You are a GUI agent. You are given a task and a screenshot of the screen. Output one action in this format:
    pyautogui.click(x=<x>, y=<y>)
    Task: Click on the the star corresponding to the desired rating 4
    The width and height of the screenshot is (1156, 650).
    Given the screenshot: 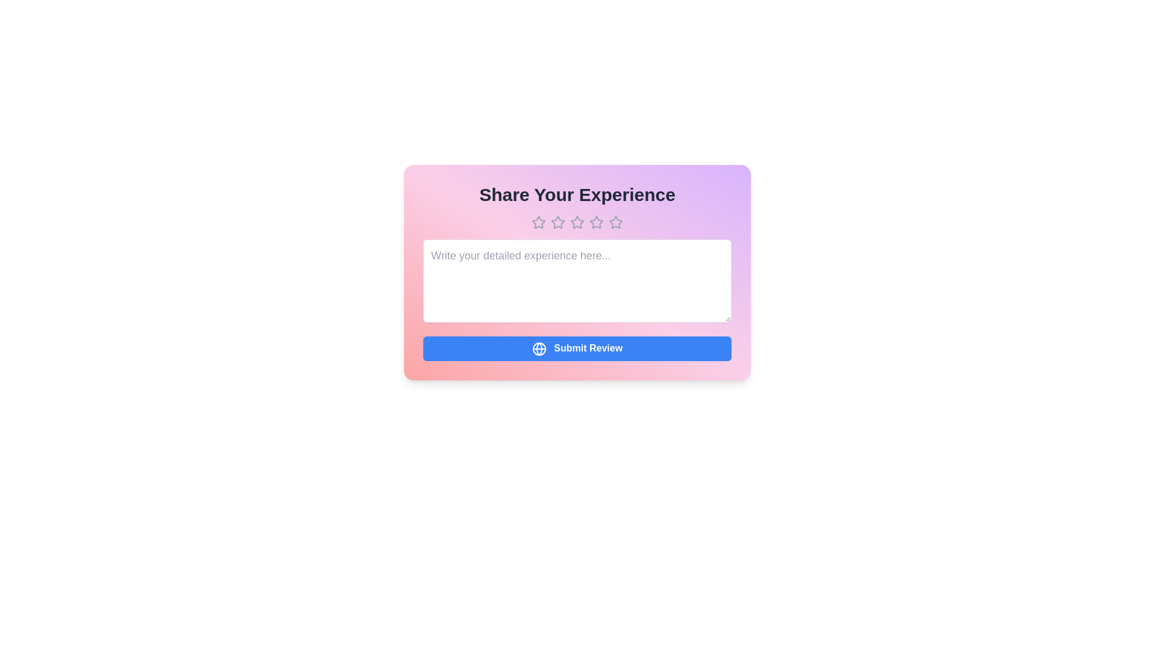 What is the action you would take?
    pyautogui.click(x=596, y=223)
    